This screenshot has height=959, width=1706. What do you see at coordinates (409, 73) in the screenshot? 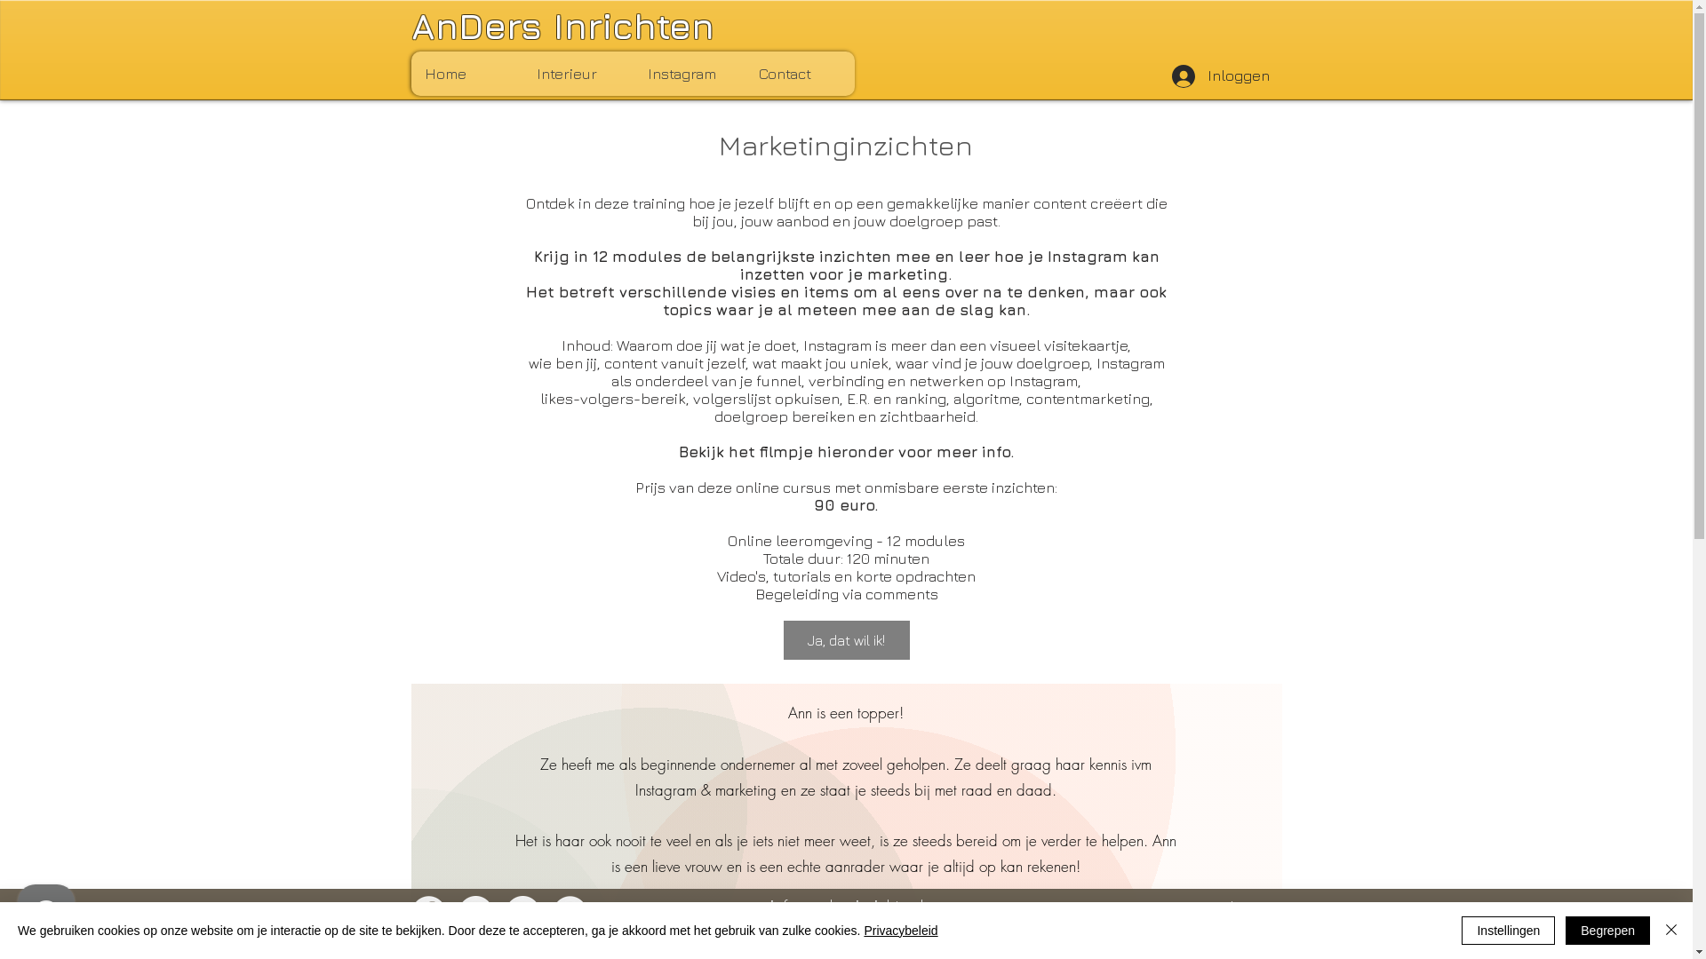
I see `'Home'` at bounding box center [409, 73].